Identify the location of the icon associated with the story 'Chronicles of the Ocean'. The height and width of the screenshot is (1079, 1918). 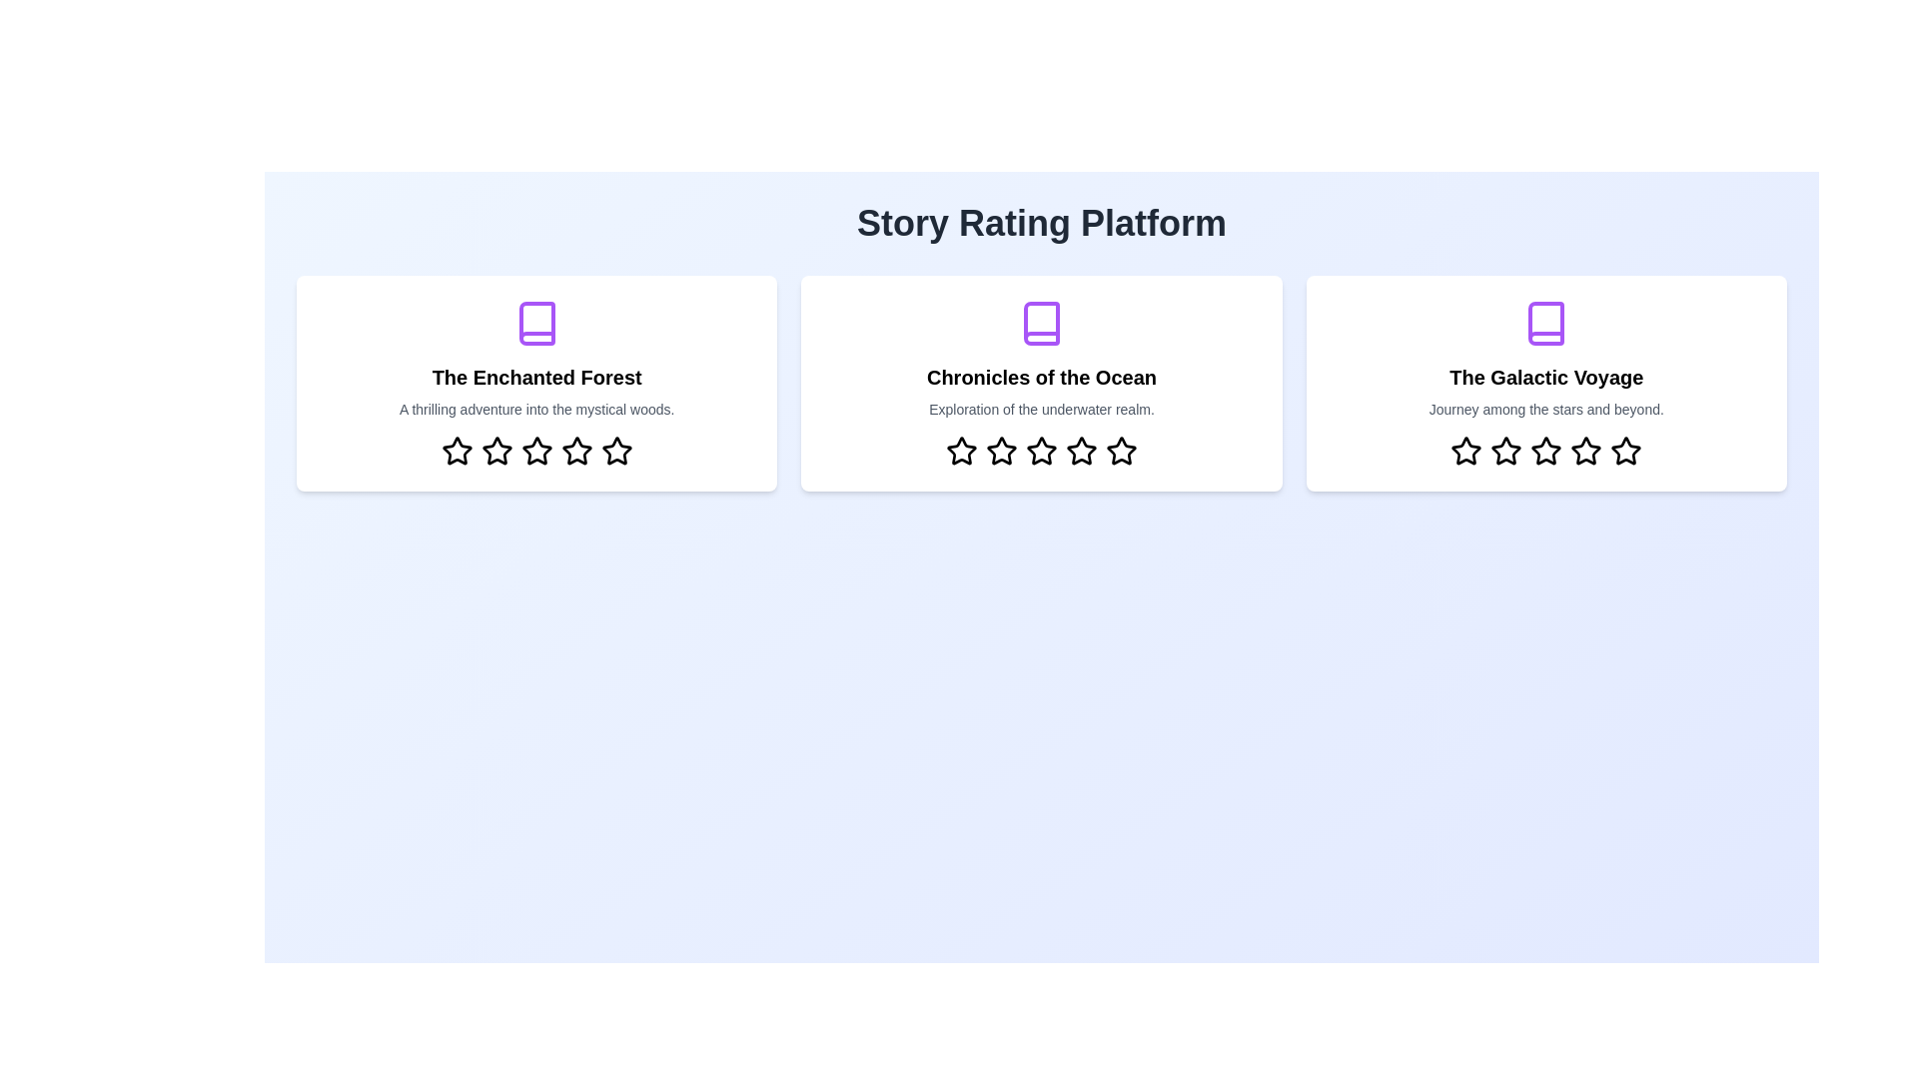
(1040, 323).